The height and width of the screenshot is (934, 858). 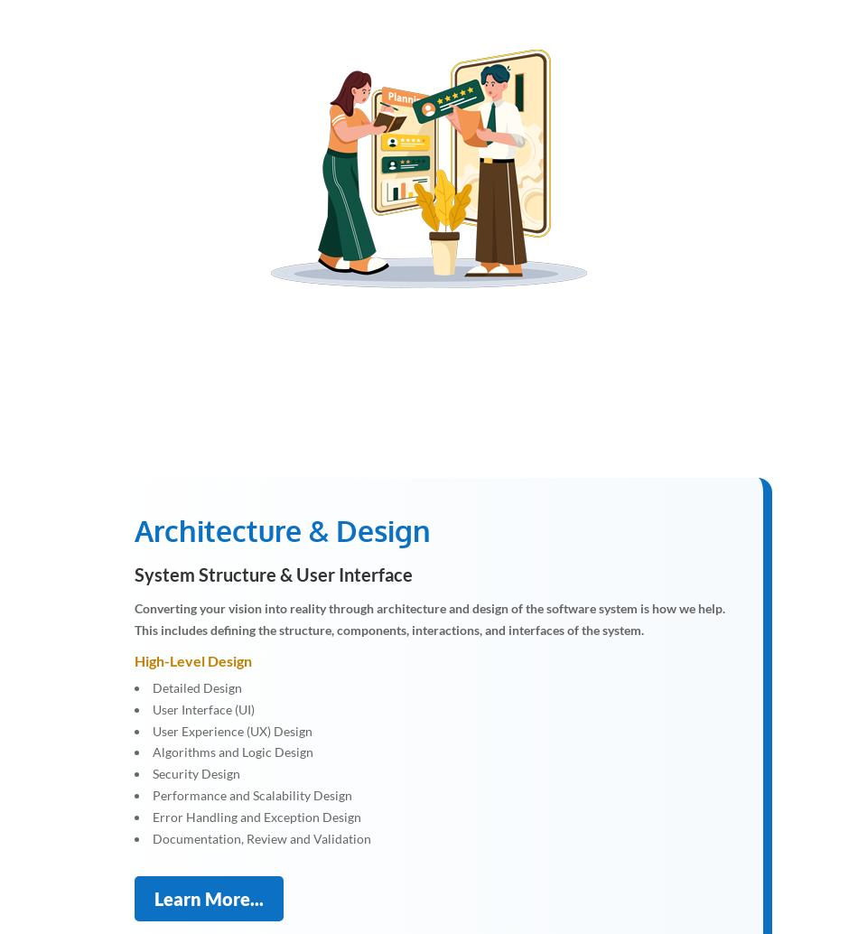 I want to click on 'v', so click(x=443, y=176).